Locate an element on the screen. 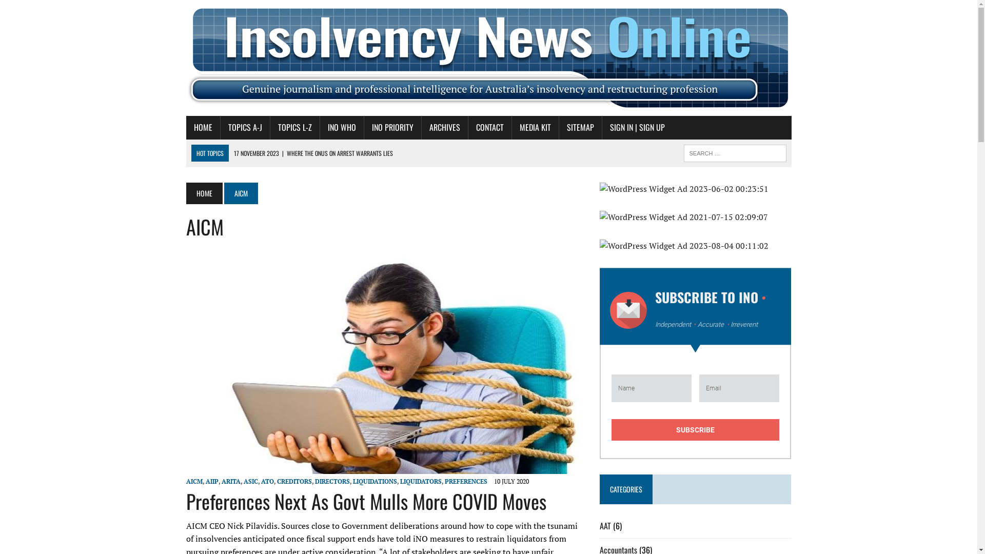  'CREDITORS' is located at coordinates (277, 481).